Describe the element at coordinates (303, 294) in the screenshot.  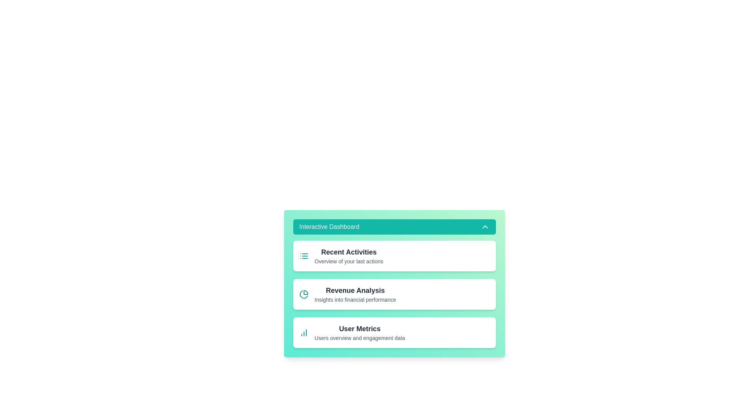
I see `the icon of the widget Revenue Analysis to interact with it` at that location.